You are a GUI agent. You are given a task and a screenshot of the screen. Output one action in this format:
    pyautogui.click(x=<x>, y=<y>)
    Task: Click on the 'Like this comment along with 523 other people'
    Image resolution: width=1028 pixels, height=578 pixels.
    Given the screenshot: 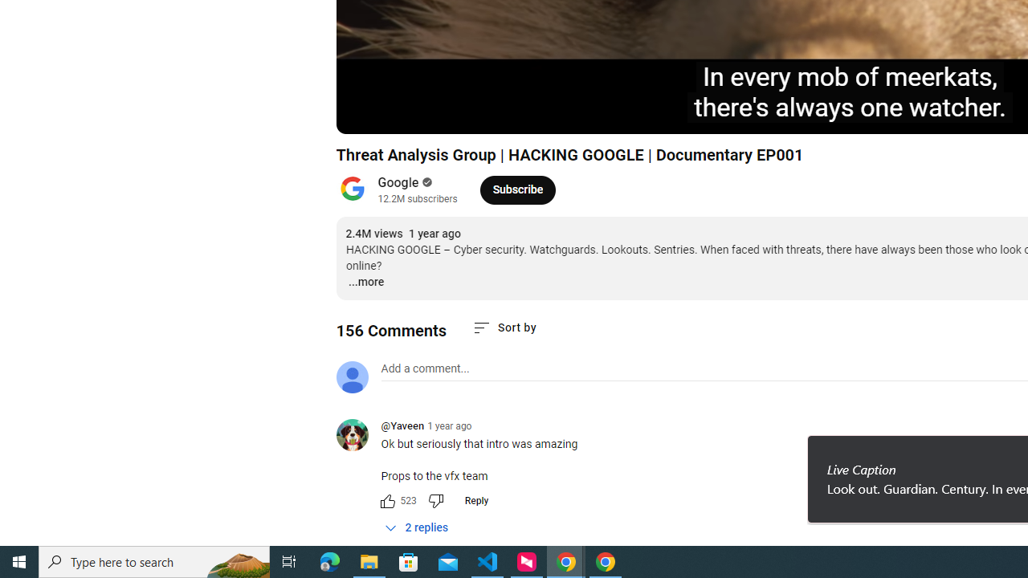 What is the action you would take?
    pyautogui.click(x=387, y=499)
    